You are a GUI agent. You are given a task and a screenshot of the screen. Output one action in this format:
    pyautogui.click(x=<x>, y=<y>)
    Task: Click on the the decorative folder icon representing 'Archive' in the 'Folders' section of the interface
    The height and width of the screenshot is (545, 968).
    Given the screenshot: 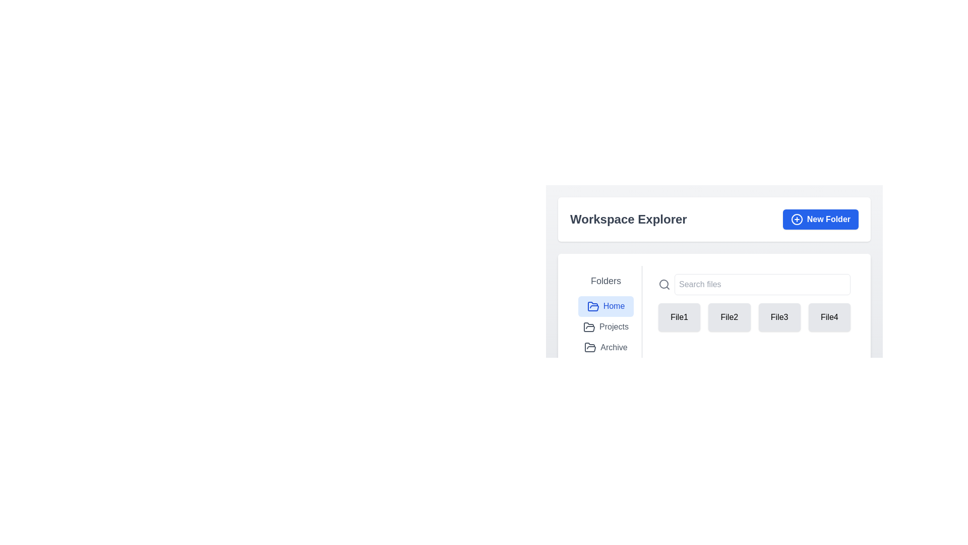 What is the action you would take?
    pyautogui.click(x=590, y=347)
    